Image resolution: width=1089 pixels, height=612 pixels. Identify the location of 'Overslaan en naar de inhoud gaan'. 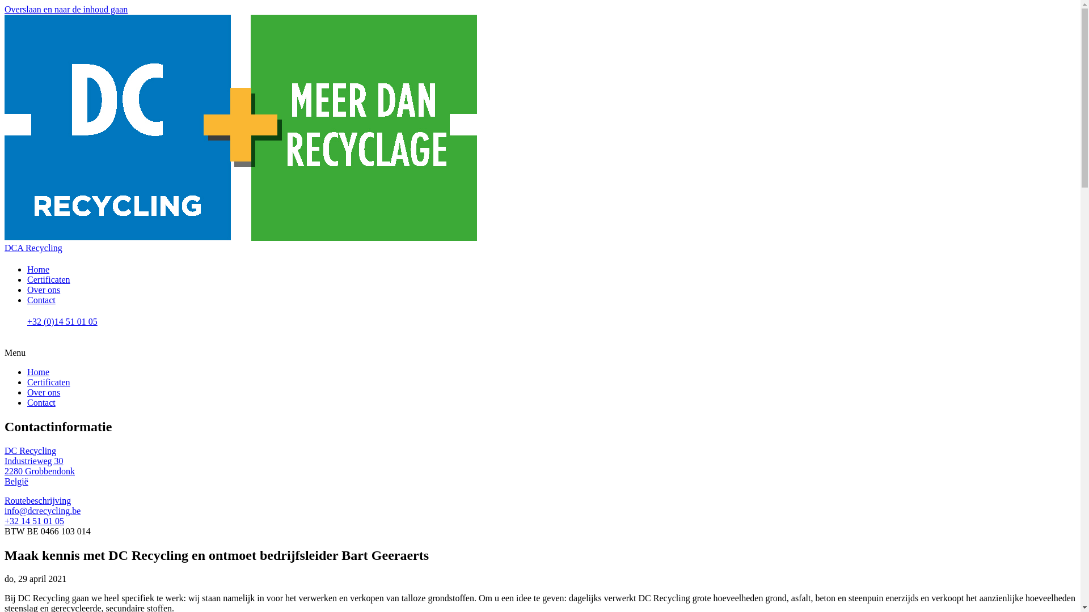
(65, 9).